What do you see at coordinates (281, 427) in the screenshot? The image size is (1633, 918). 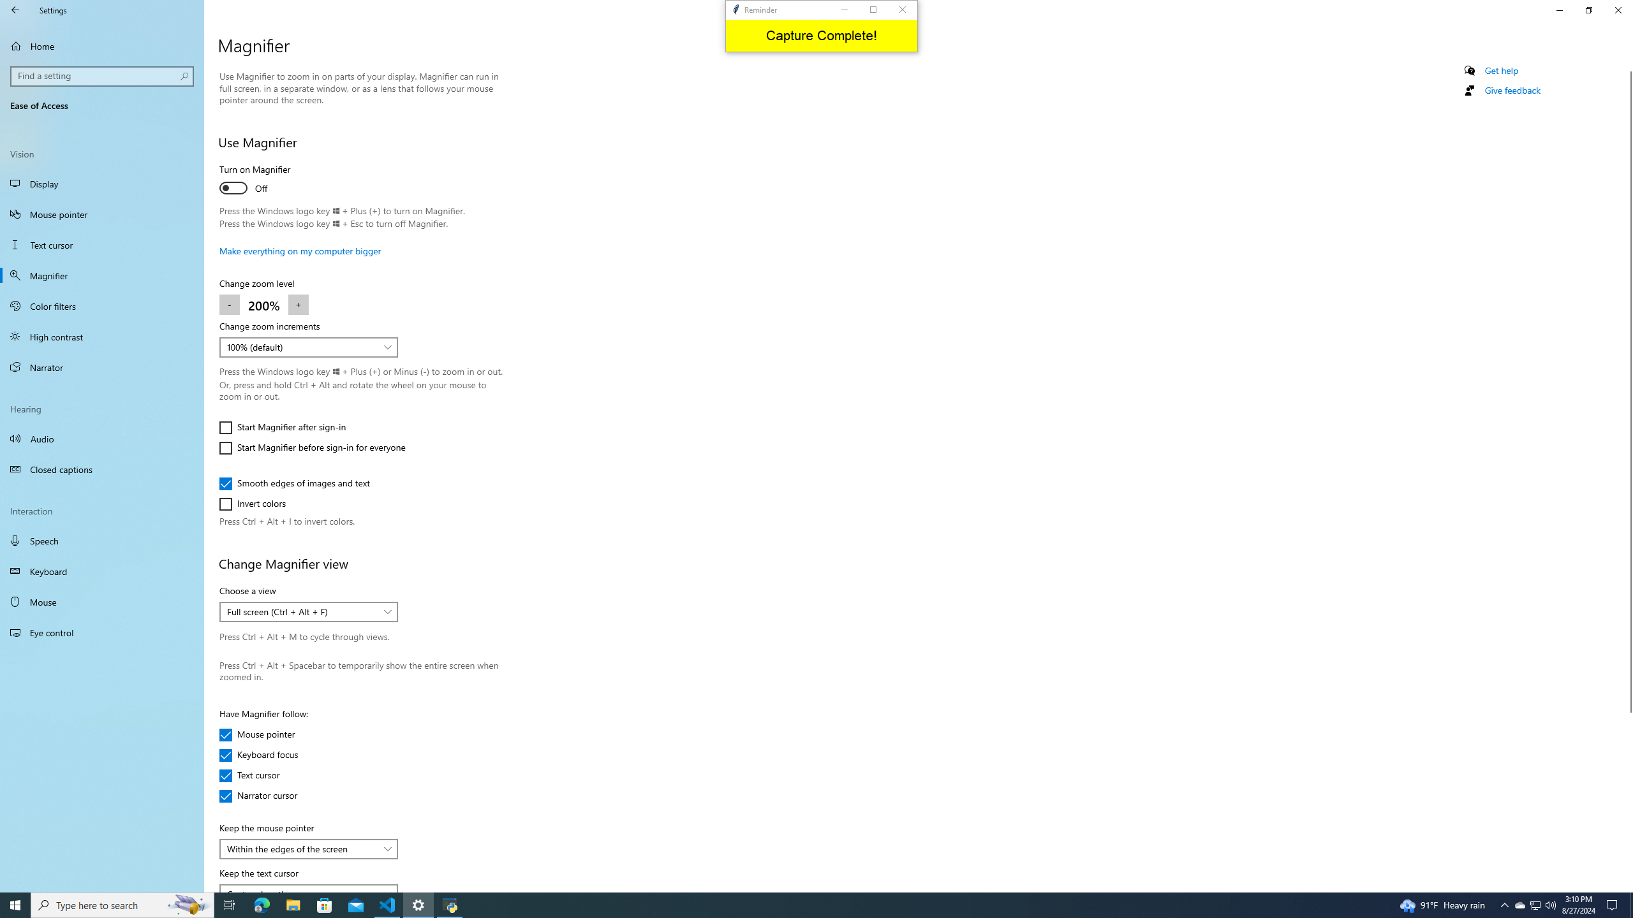 I see `'Start Magnifier after sign-in'` at bounding box center [281, 427].